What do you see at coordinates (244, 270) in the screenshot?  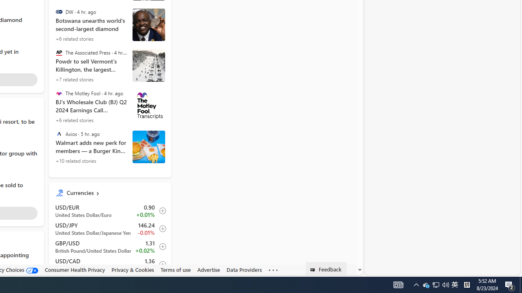 I see `'Data Providers'` at bounding box center [244, 270].